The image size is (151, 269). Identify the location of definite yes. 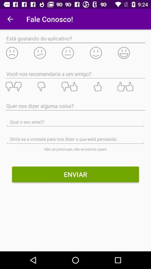
(131, 87).